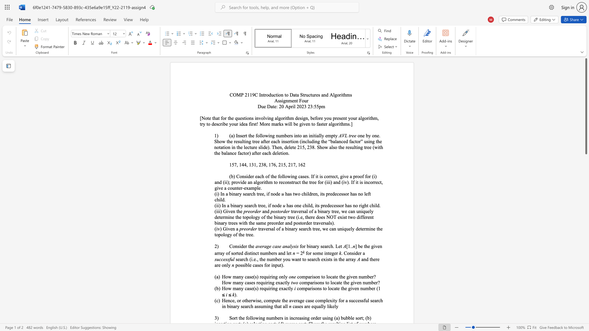  I want to click on the 1th character "y" in the text, so click(296, 229).